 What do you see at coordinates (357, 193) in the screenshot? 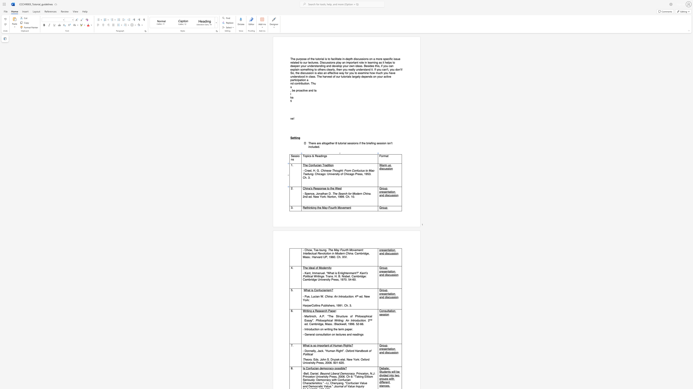
I see `the 1th character "d" in the text` at bounding box center [357, 193].